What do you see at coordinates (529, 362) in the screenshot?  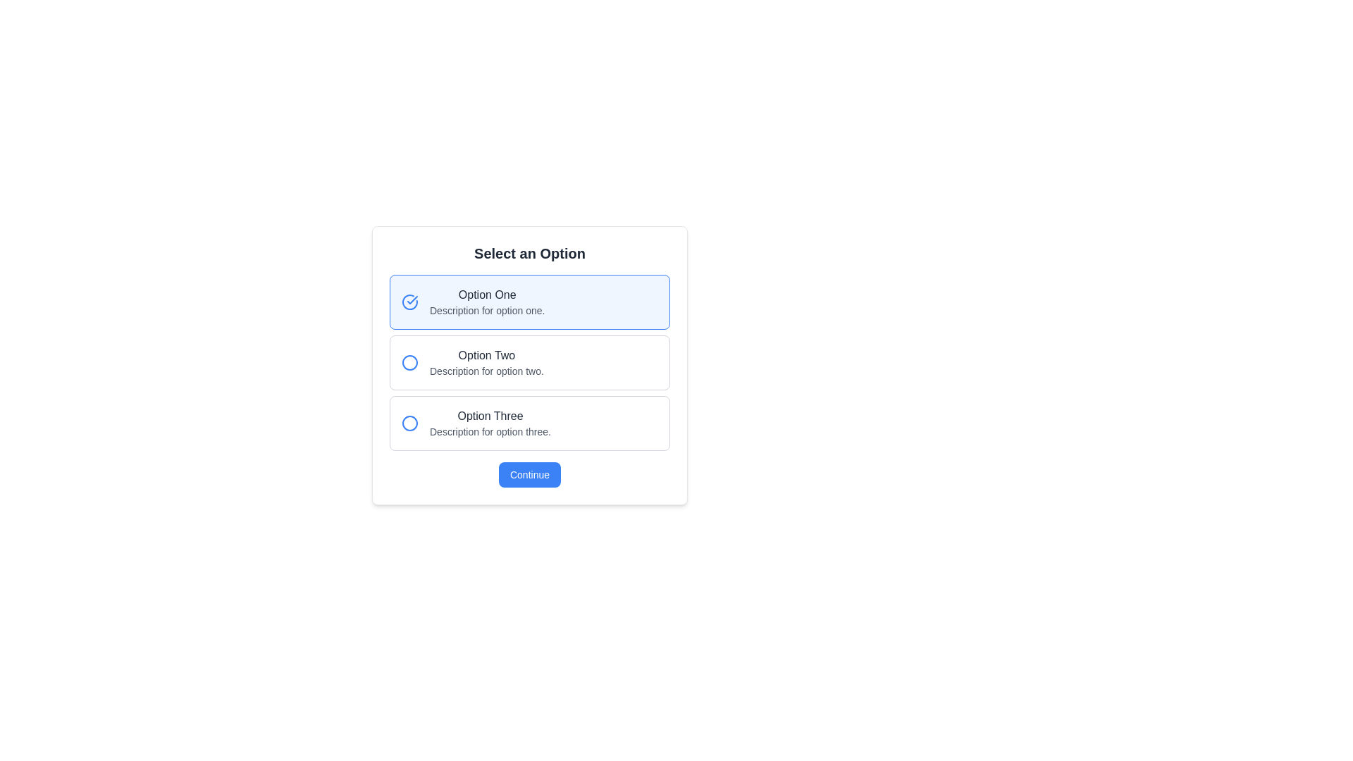 I see `the second selectable option in the modal titled 'Select an Option' to indicate selection` at bounding box center [529, 362].